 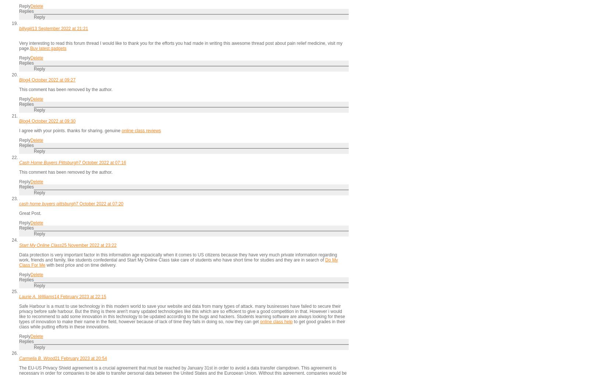 I want to click on 'Cash Home Buyers Pittsburgh', so click(x=48, y=162).